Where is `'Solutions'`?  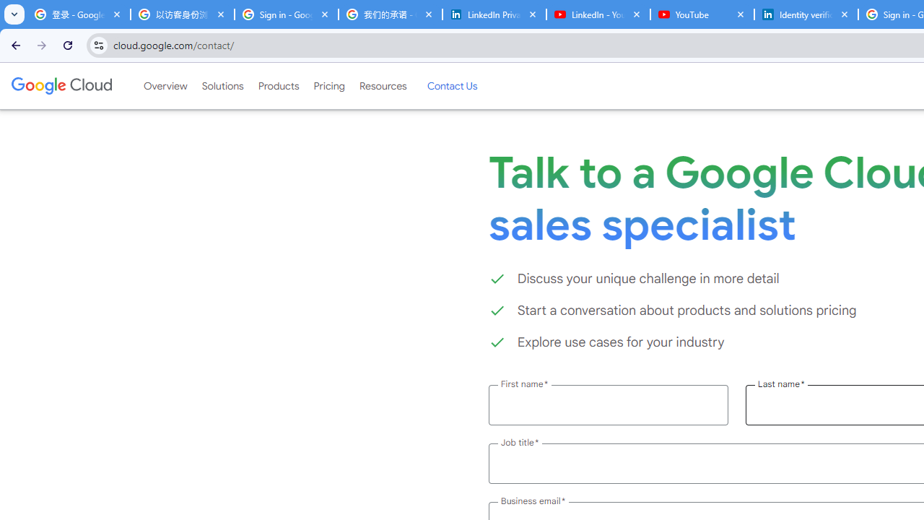 'Solutions' is located at coordinates (222, 86).